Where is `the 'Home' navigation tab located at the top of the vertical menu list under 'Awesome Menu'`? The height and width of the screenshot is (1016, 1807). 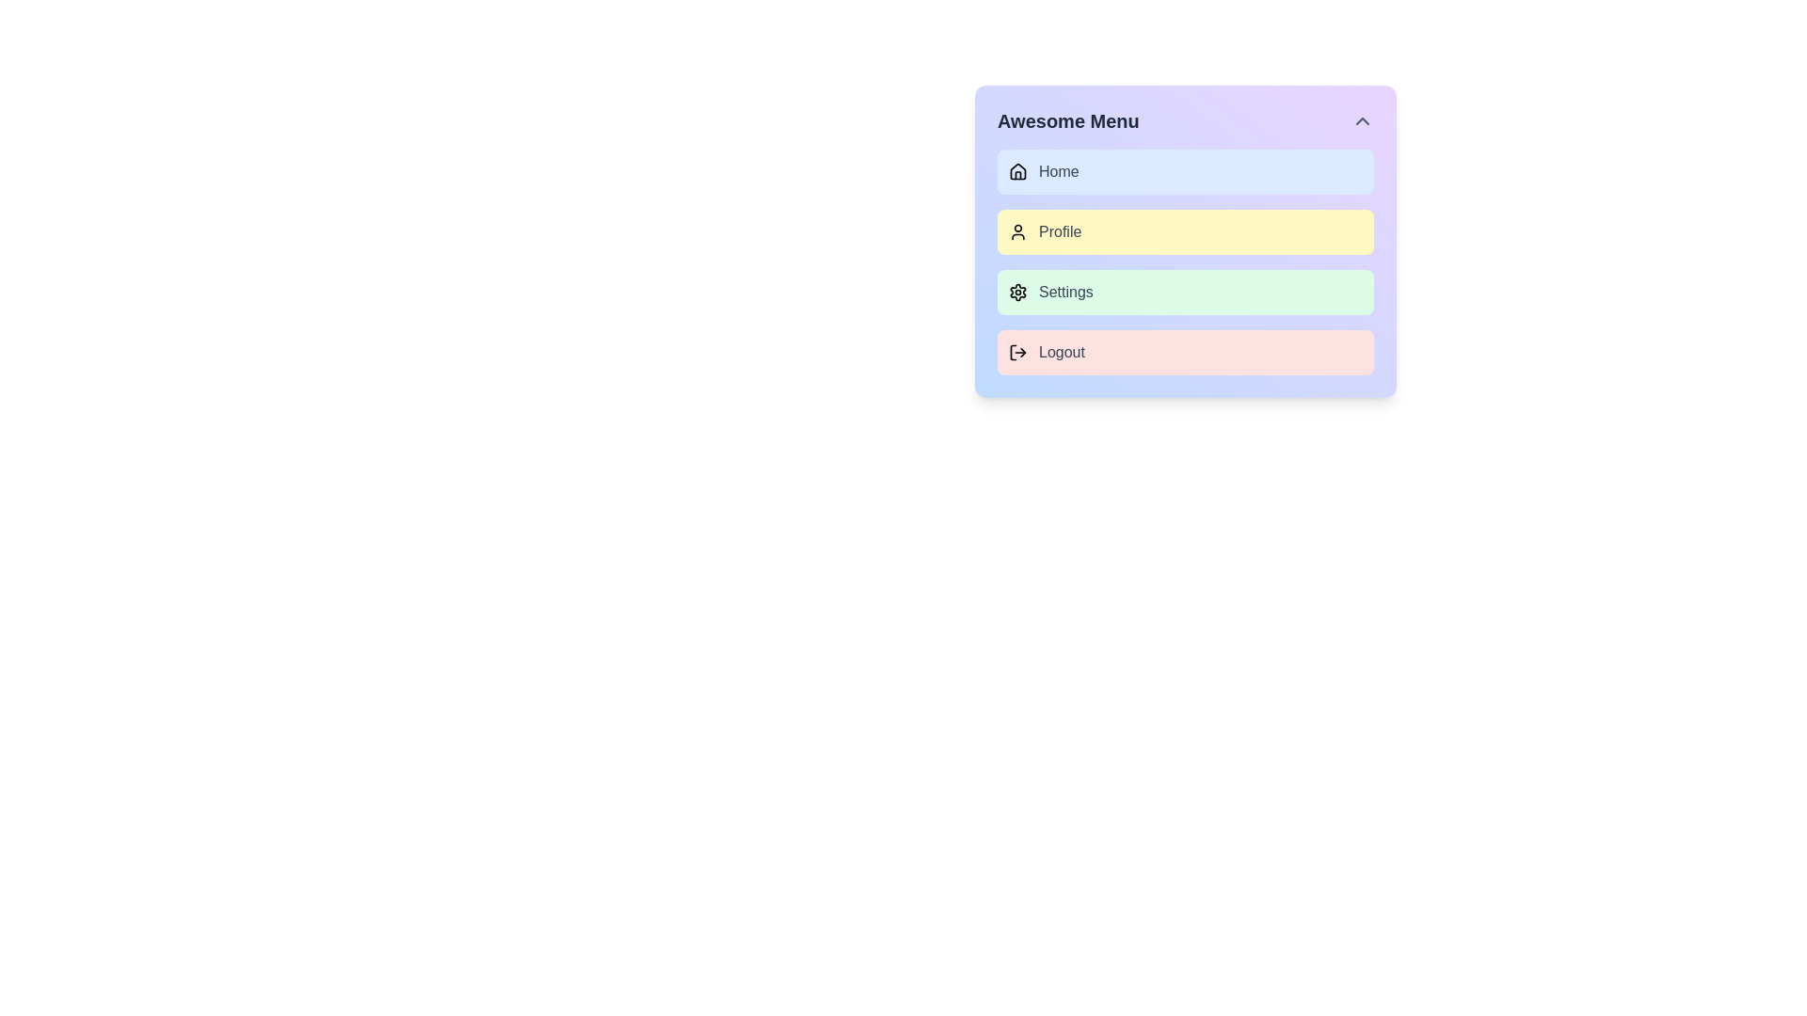 the 'Home' navigation tab located at the top of the vertical menu list under 'Awesome Menu' is located at coordinates (1184, 171).